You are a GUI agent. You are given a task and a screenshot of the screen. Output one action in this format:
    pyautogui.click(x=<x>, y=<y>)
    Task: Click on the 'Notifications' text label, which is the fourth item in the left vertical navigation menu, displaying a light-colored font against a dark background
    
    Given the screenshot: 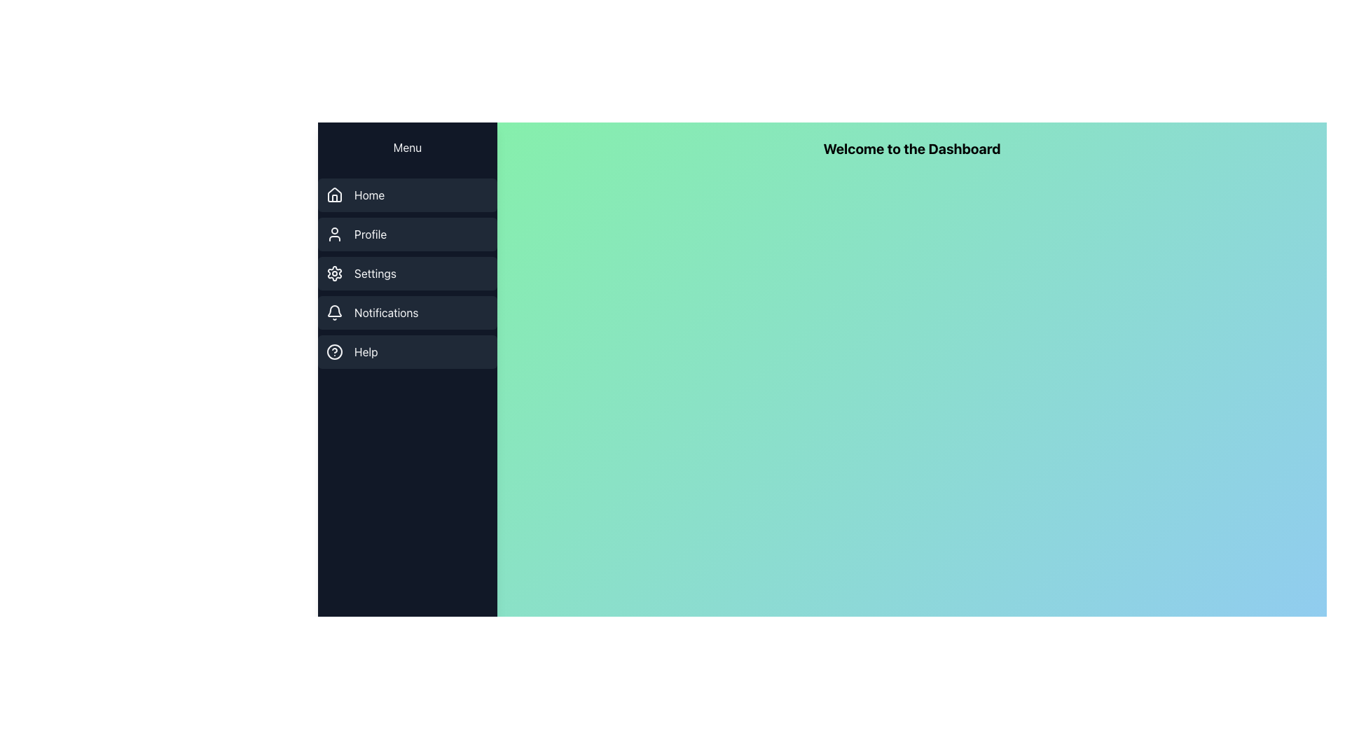 What is the action you would take?
    pyautogui.click(x=386, y=312)
    